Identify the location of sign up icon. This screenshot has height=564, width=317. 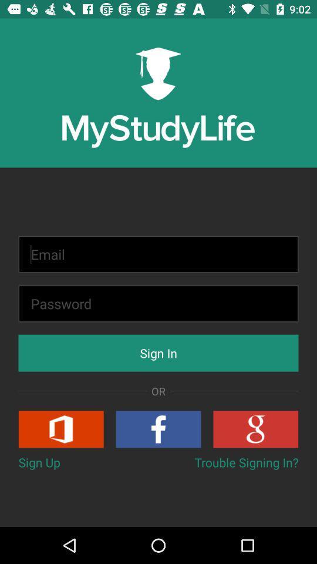
(39, 462).